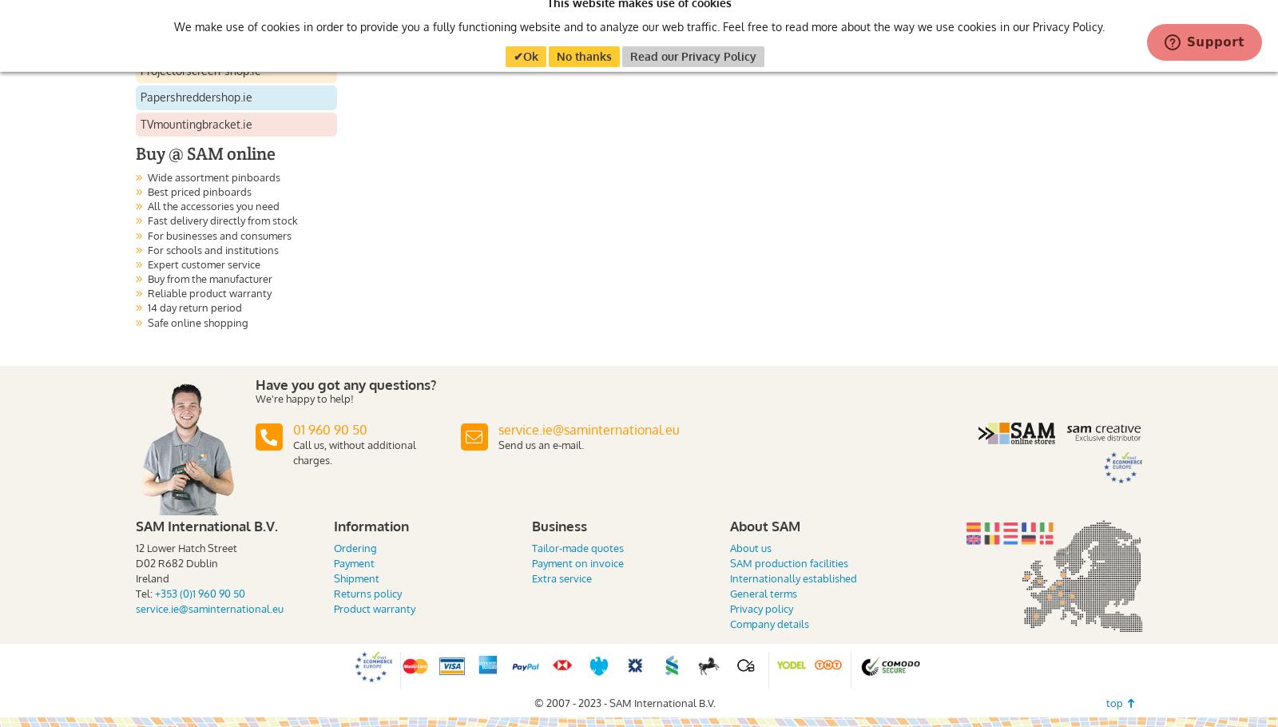 Image resolution: width=1278 pixels, height=727 pixels. What do you see at coordinates (152, 576) in the screenshot?
I see `'Ireland'` at bounding box center [152, 576].